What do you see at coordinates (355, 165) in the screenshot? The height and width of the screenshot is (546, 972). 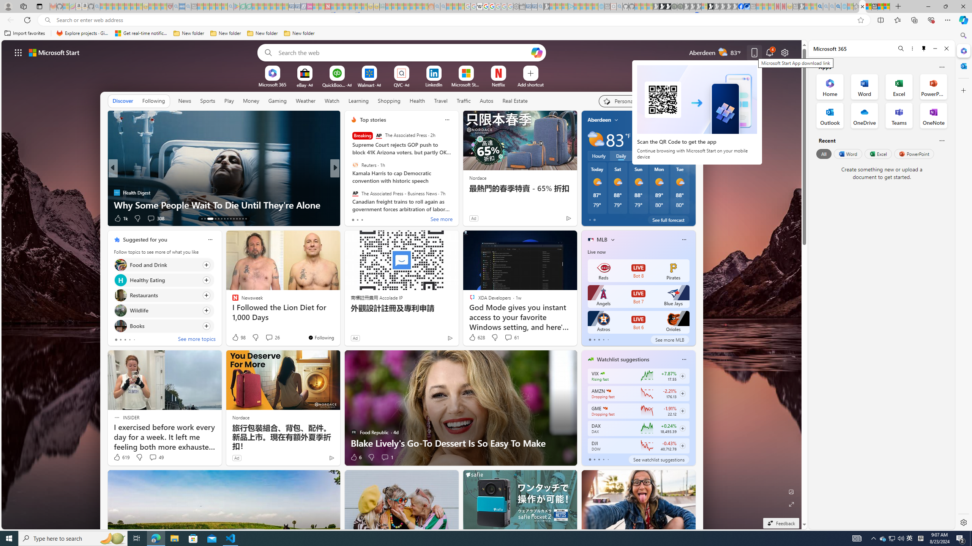 I see `'Reuters'` at bounding box center [355, 165].